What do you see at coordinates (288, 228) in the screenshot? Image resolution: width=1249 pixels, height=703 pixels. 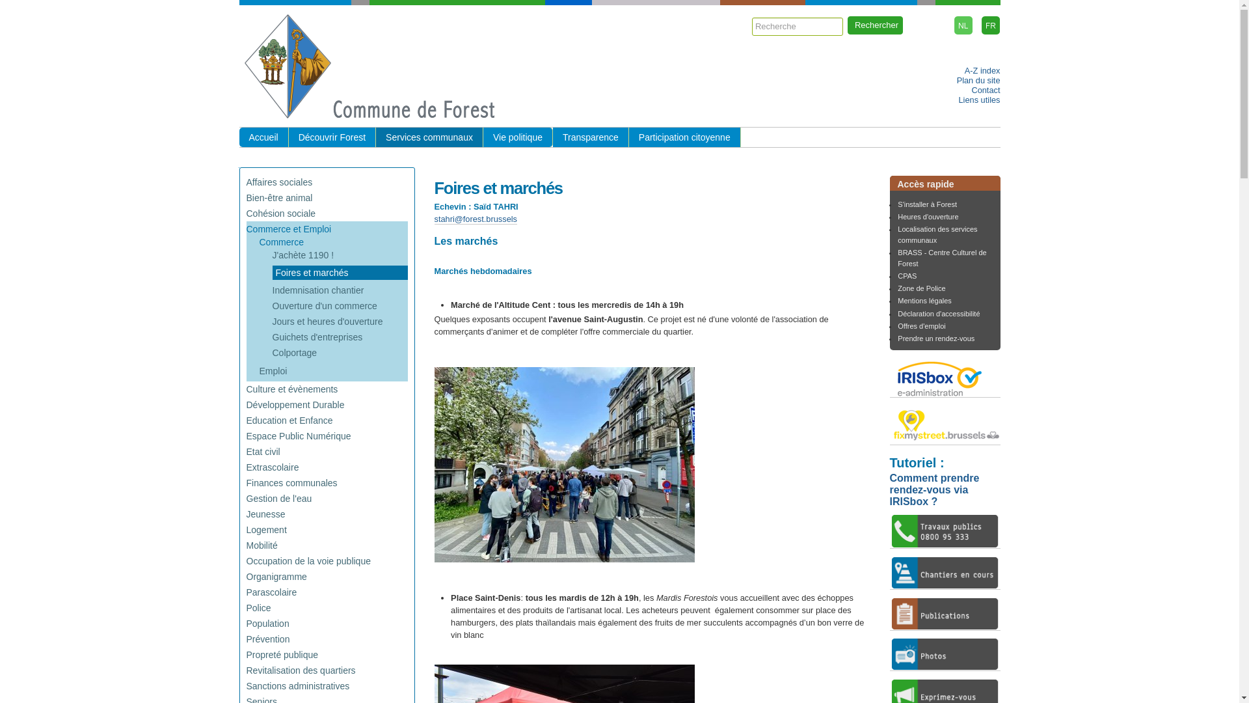 I see `'Commerce et Emploi'` at bounding box center [288, 228].